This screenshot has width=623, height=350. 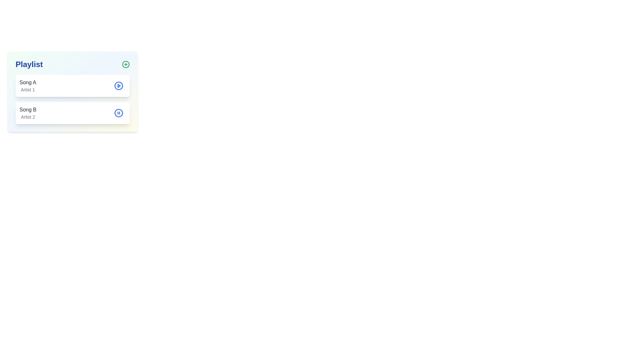 What do you see at coordinates (73, 86) in the screenshot?
I see `the first list item displaying 'Song A' with a play button` at bounding box center [73, 86].